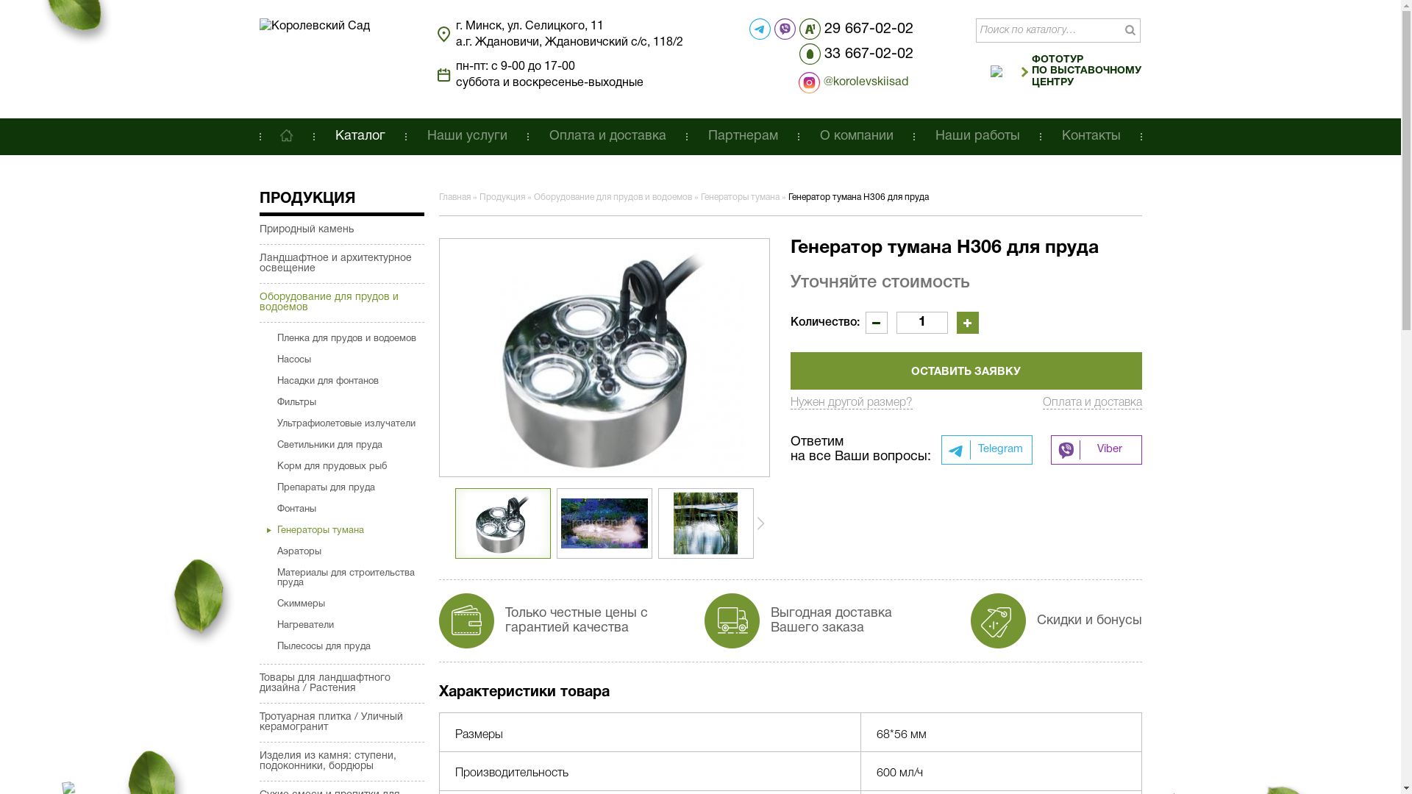  Describe the element at coordinates (1095, 449) in the screenshot. I see `'Viber'` at that location.